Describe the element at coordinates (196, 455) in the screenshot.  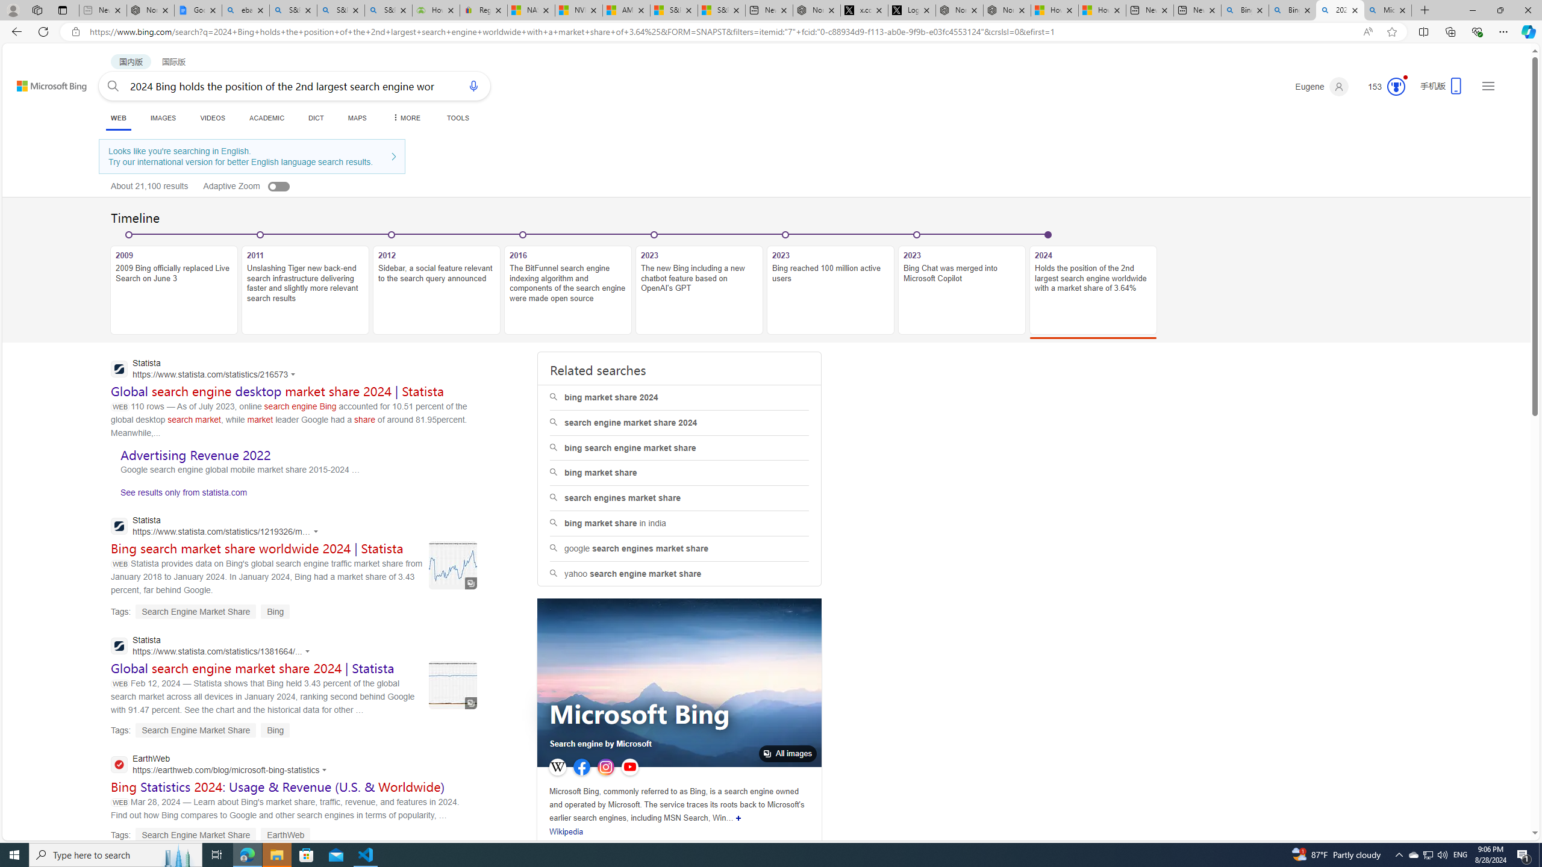
I see `'Advertising Revenue 2022'` at that location.